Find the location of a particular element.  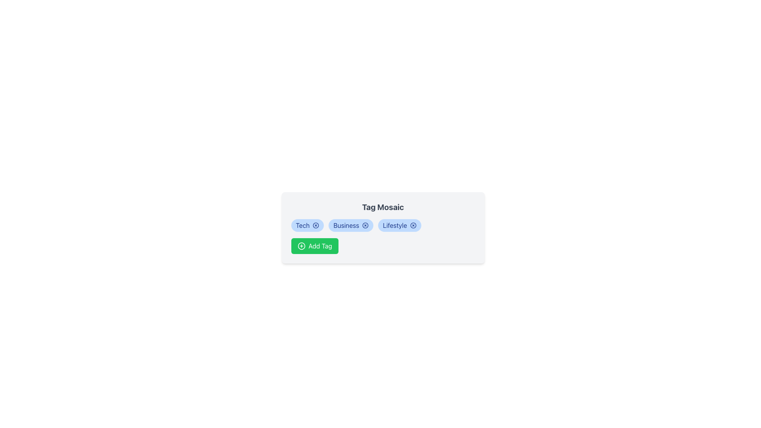

the small circular button with a cross inside, located at the top-right corner of the 'Lifestyle' tag is located at coordinates (413, 225).